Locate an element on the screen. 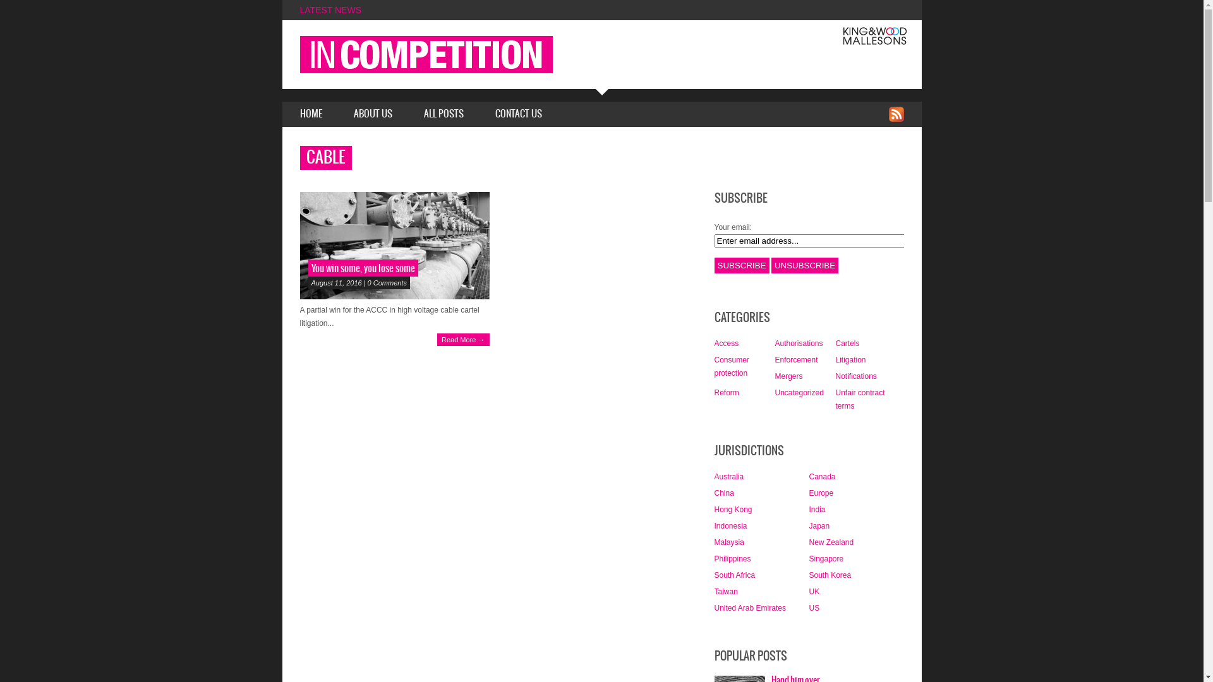 The image size is (1213, 682). 'RSS Feed' is located at coordinates (895, 114).